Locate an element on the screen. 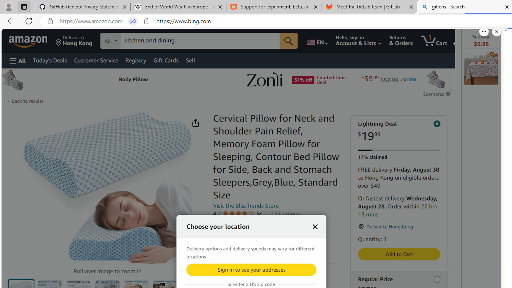 The height and width of the screenshot is (288, 512). '4.2 4.2 out of 5 stars' is located at coordinates (237, 213).